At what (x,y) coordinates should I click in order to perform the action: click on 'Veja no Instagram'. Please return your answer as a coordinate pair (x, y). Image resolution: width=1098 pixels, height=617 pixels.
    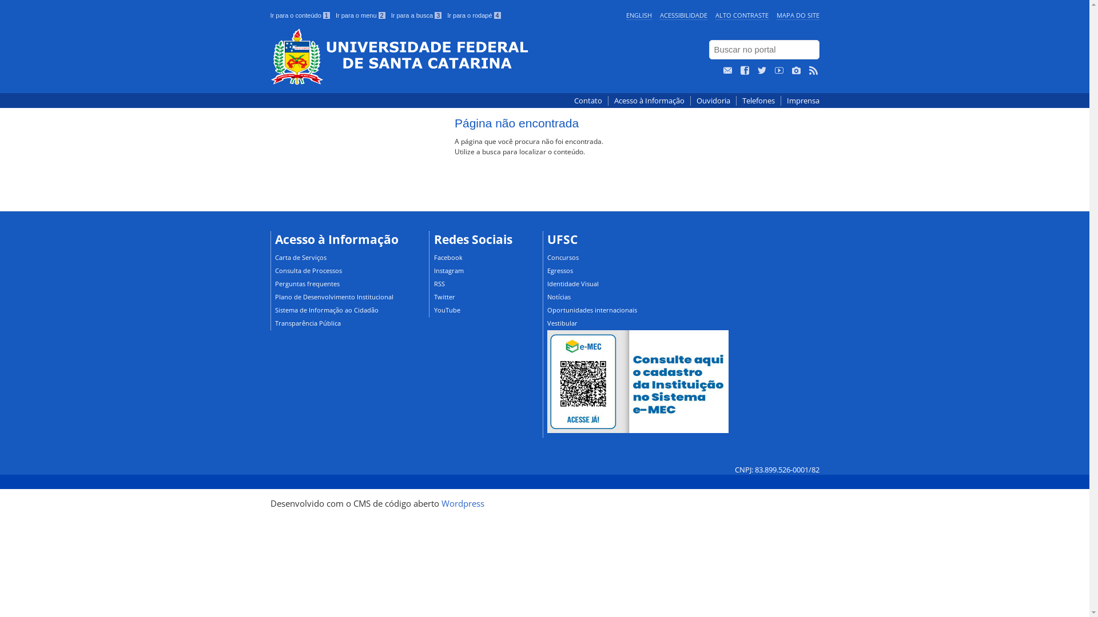
    Looking at the image, I should click on (795, 70).